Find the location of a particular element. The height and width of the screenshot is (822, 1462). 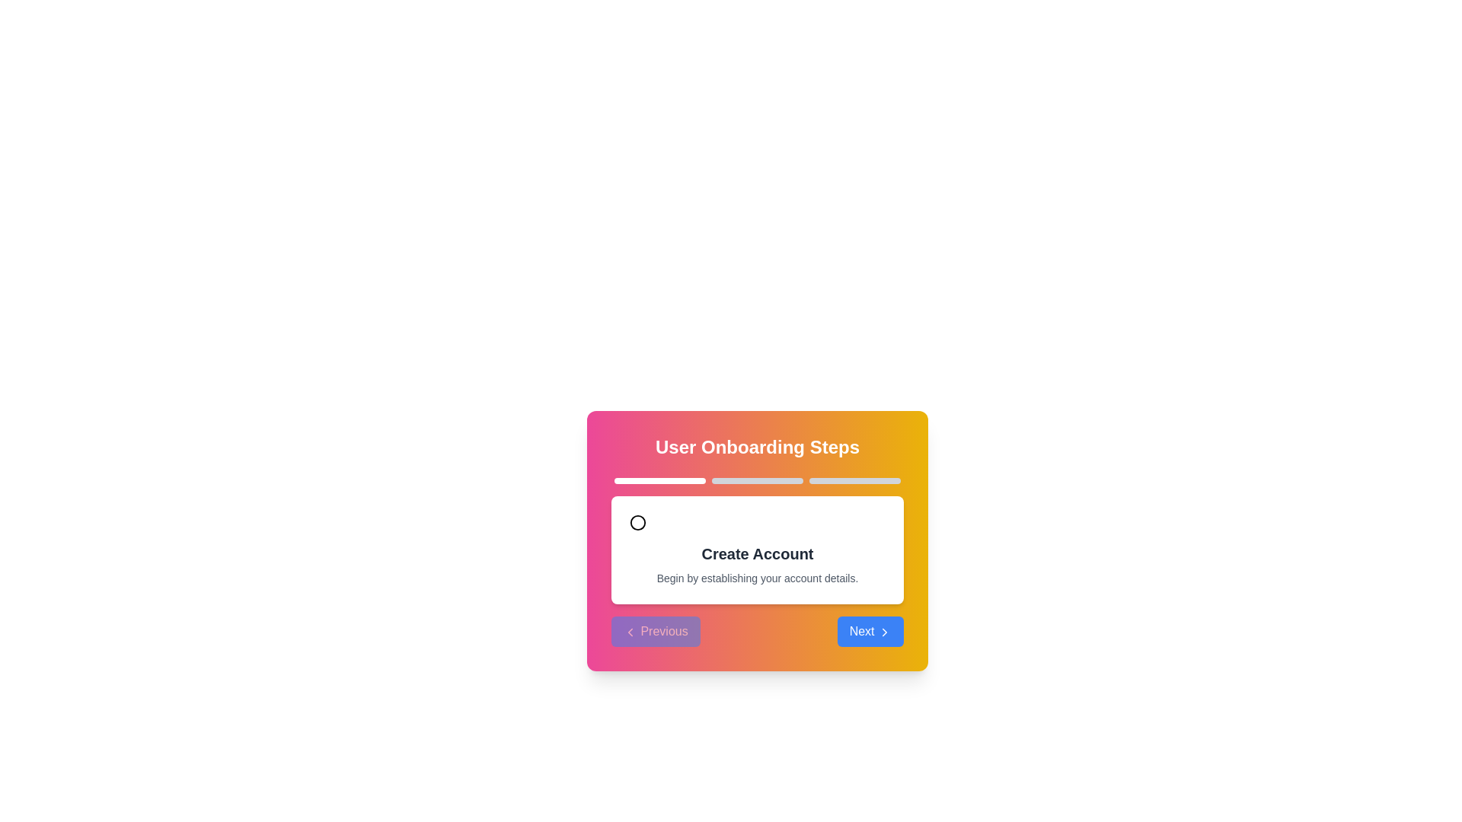

the Progress Indicator element, which consists of three horizontal bars (one white and two gray) located below the 'User Onboarding Steps' title is located at coordinates (757, 481).